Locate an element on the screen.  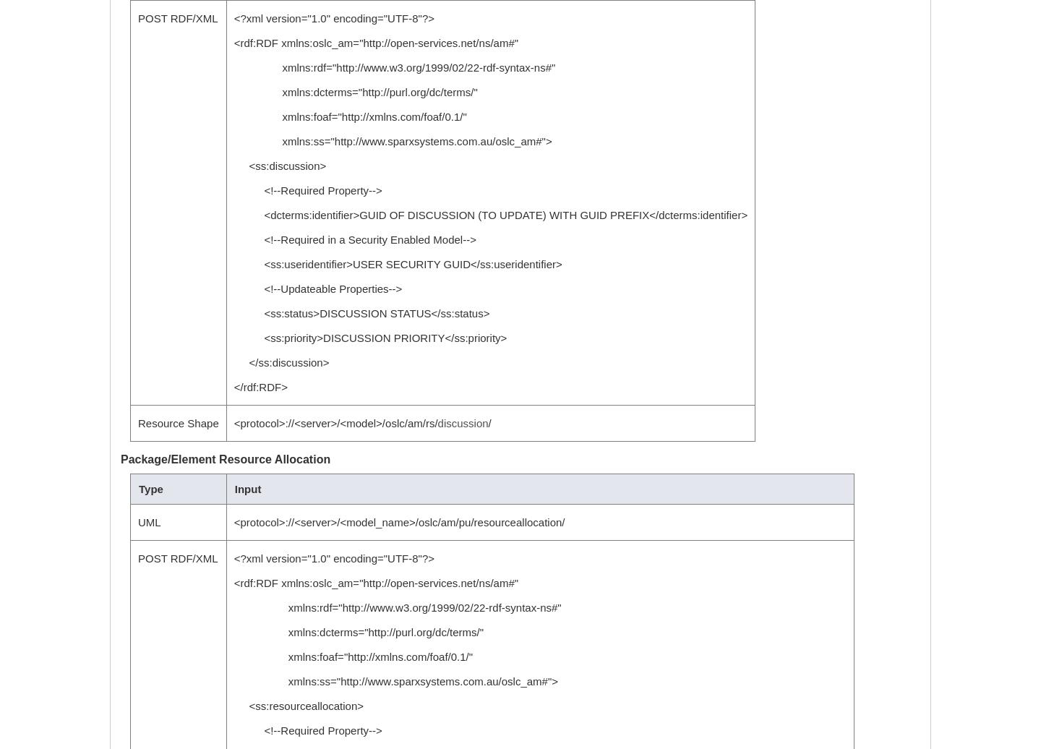
'discussion' is located at coordinates (461, 423).